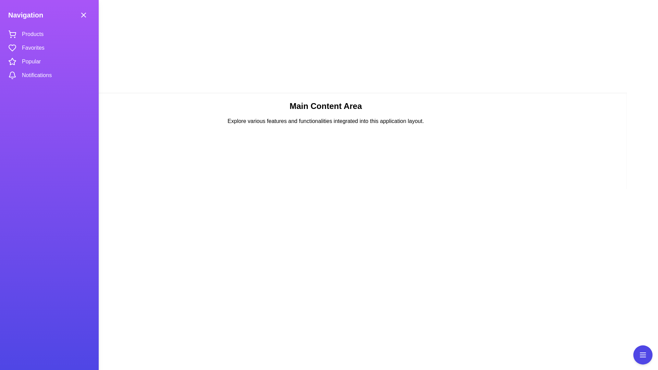 This screenshot has width=658, height=370. Describe the element at coordinates (325, 277) in the screenshot. I see `the main content area to read the displayed text` at that location.